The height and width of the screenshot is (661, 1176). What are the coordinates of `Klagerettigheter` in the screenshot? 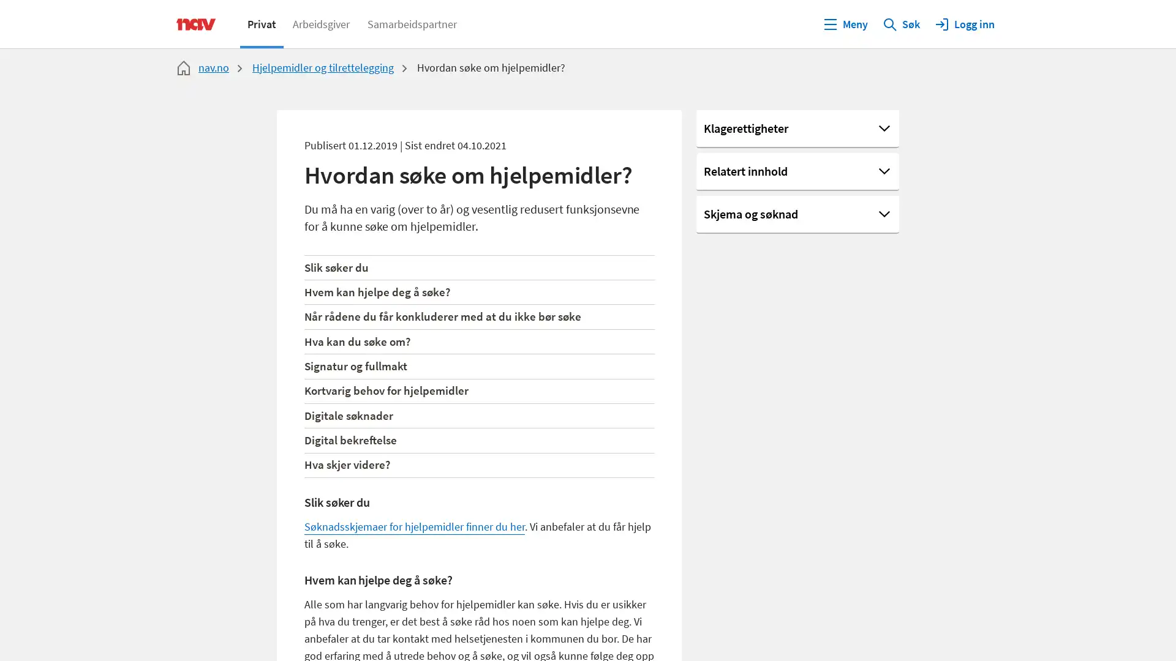 It's located at (797, 129).